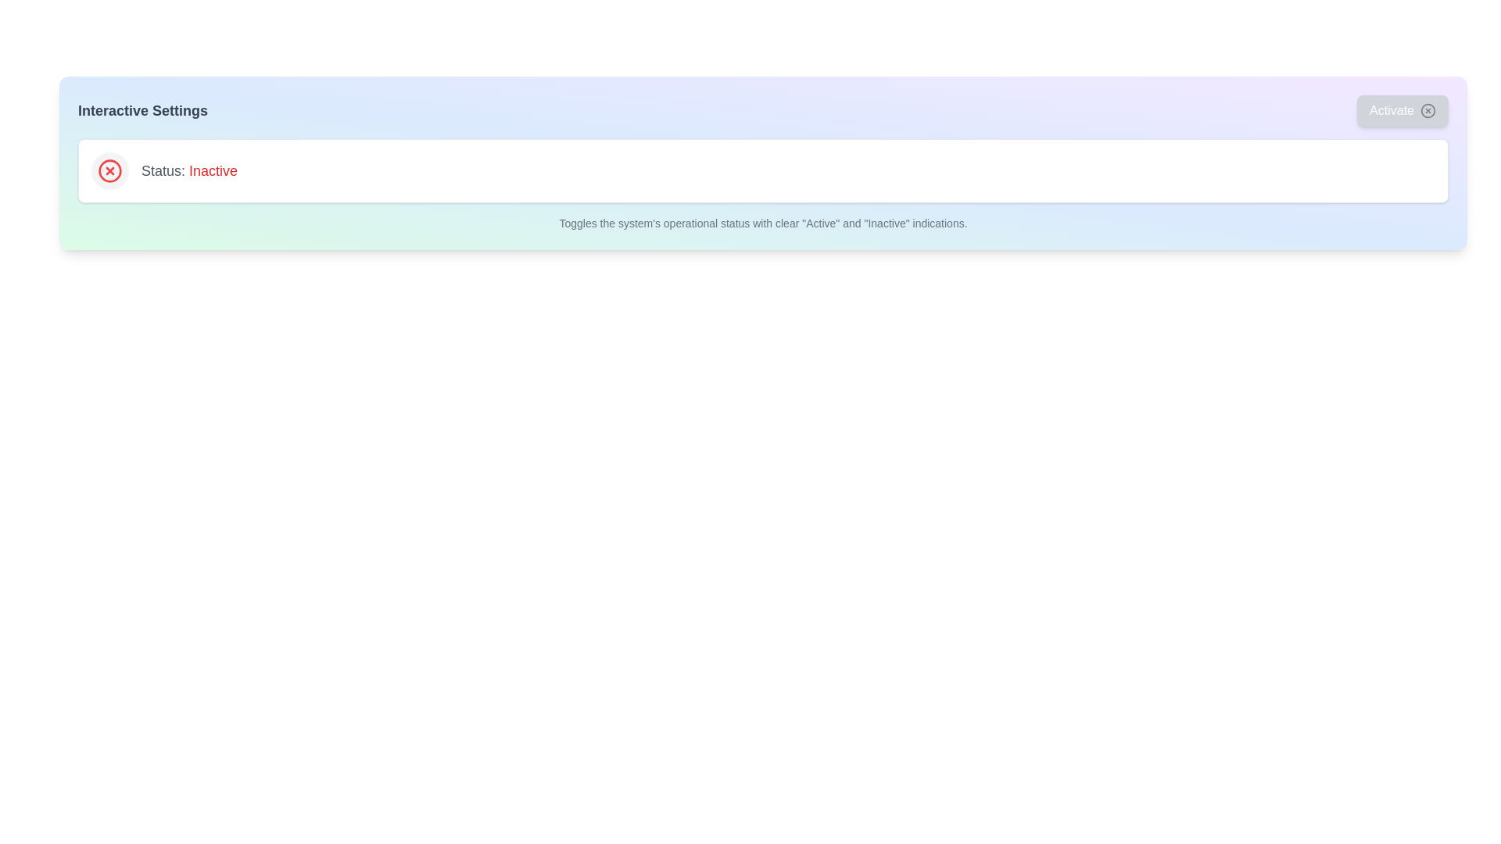 The width and height of the screenshot is (1501, 844). What do you see at coordinates (1392, 110) in the screenshot?
I see `the 'Activate' button text located in the top-right corner of the interactive section of the panel header` at bounding box center [1392, 110].